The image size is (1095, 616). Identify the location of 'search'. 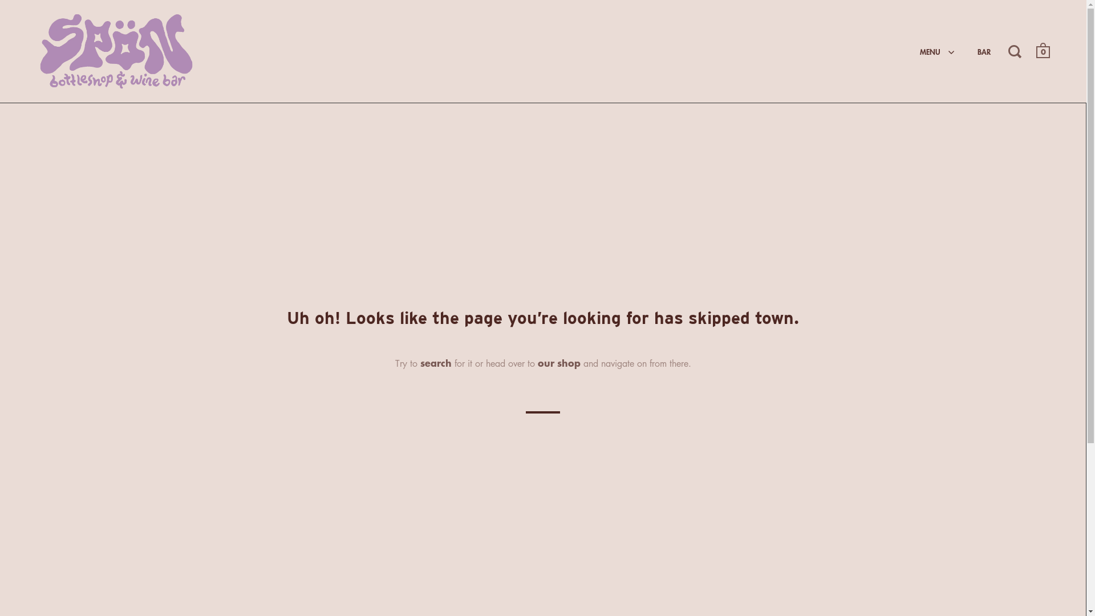
(435, 362).